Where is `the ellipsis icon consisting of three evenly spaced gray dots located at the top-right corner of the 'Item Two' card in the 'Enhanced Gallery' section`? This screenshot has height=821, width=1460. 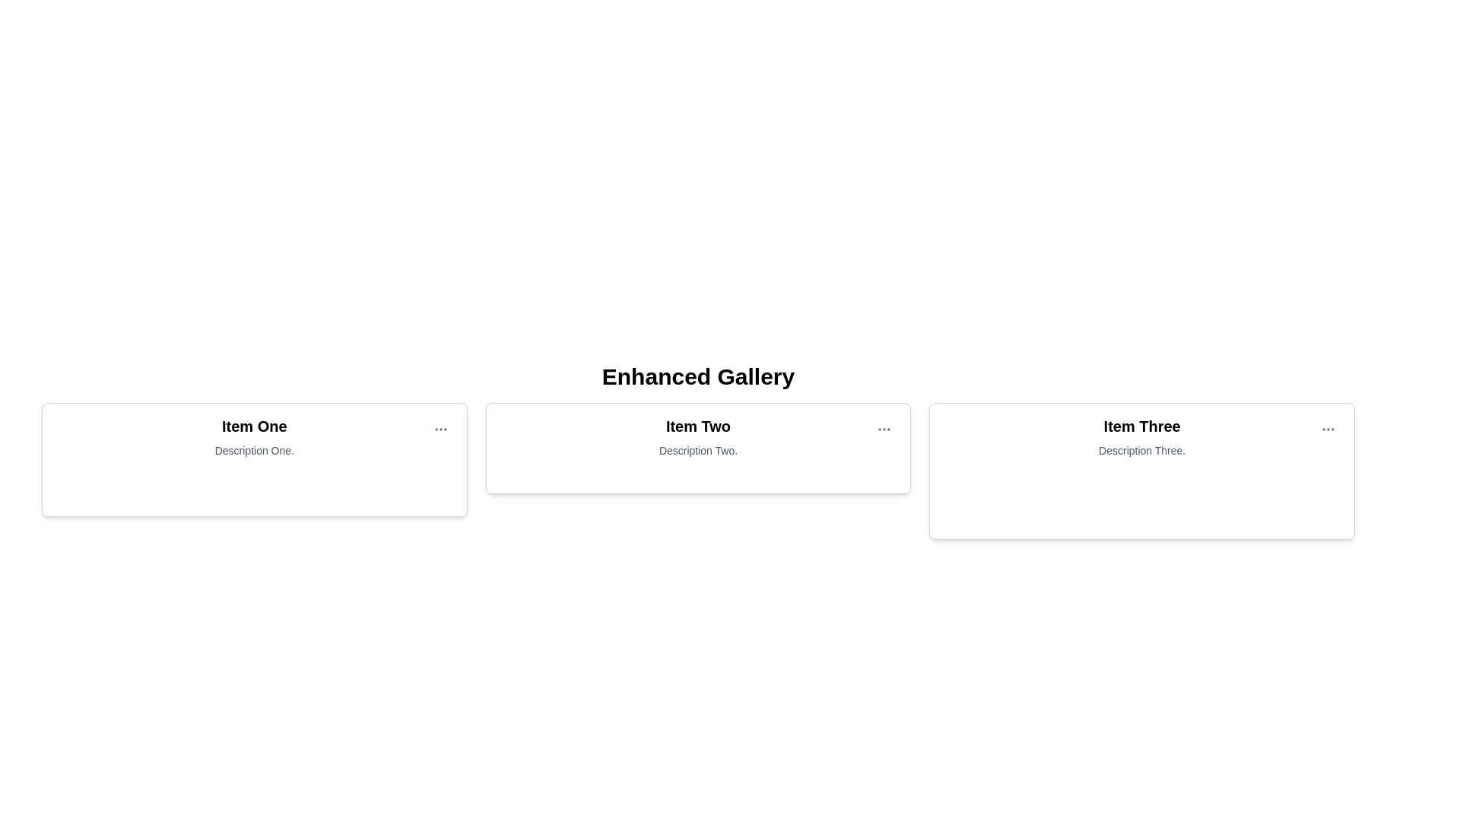 the ellipsis icon consisting of three evenly spaced gray dots located at the top-right corner of the 'Item Two' card in the 'Enhanced Gallery' section is located at coordinates (884, 429).